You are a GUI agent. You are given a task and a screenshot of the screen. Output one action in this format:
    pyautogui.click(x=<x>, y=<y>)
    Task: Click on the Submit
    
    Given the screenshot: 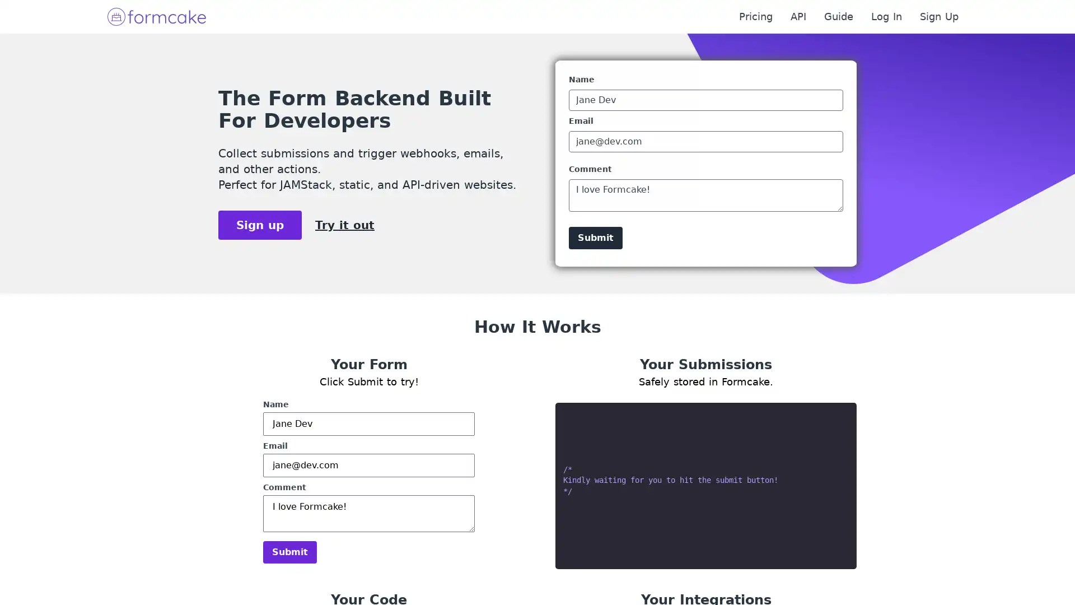 What is the action you would take?
    pyautogui.click(x=595, y=237)
    